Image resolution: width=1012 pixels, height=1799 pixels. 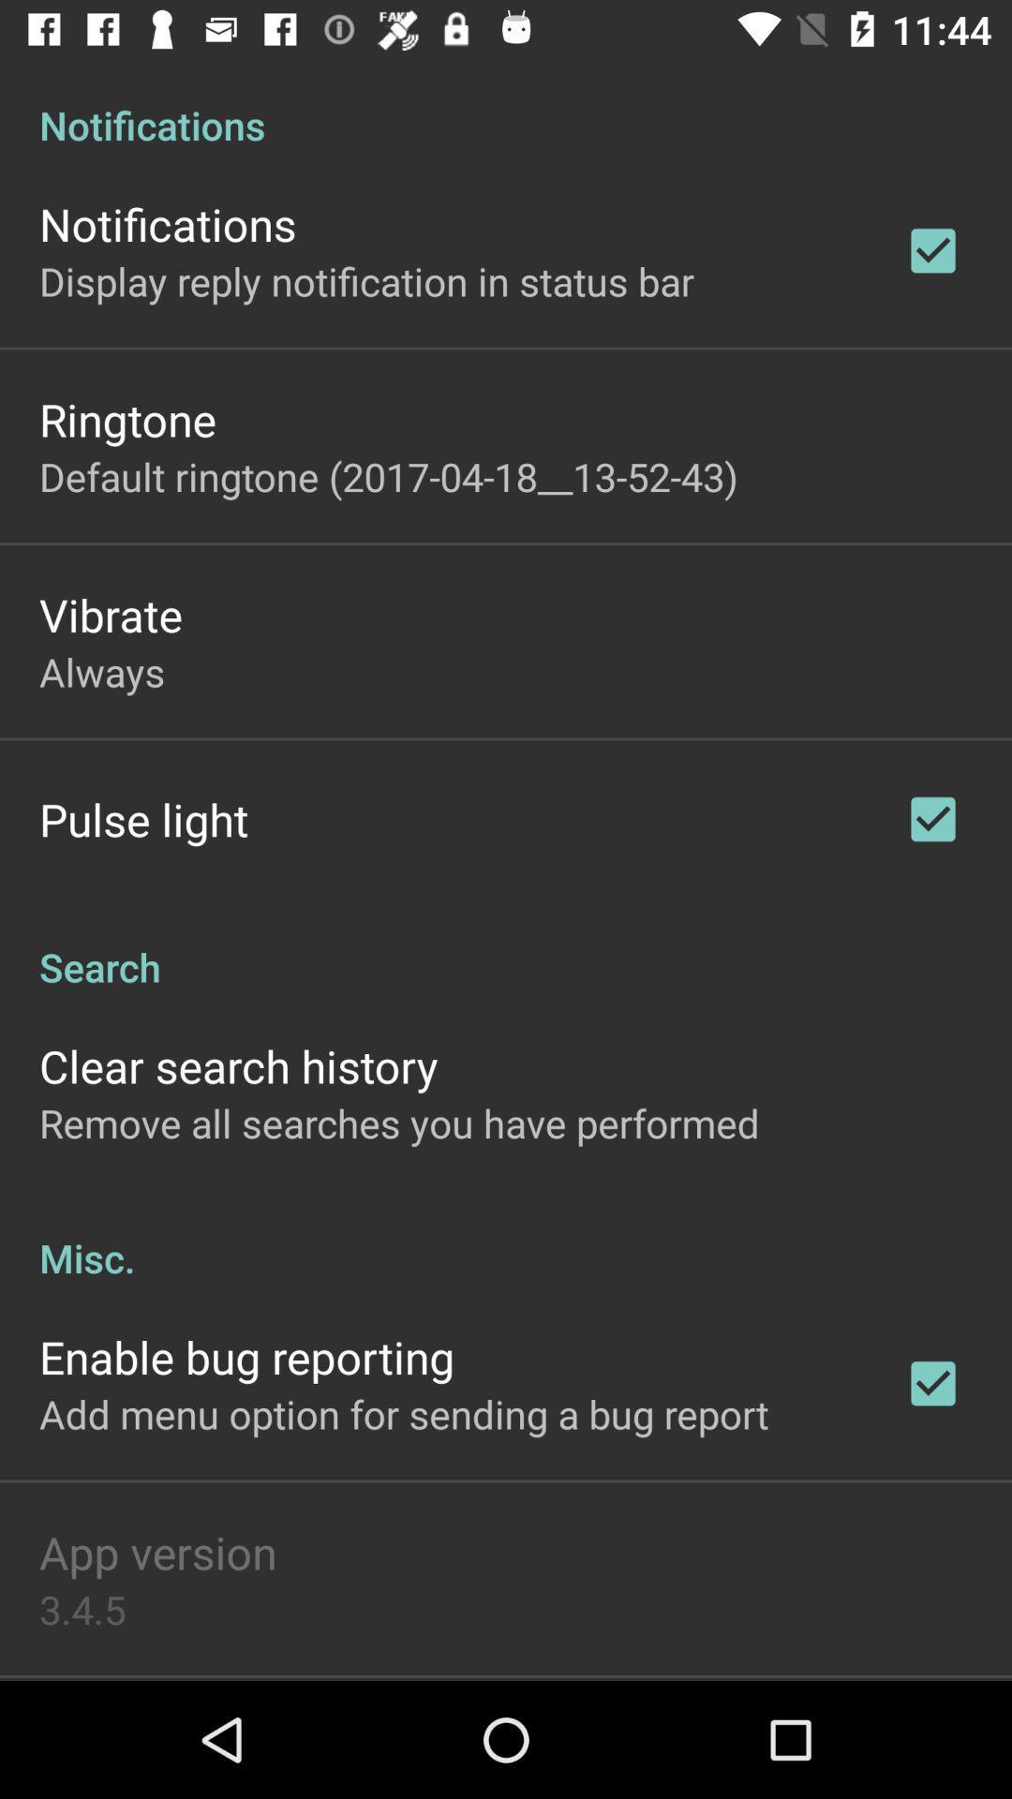 I want to click on the always icon, so click(x=102, y=671).